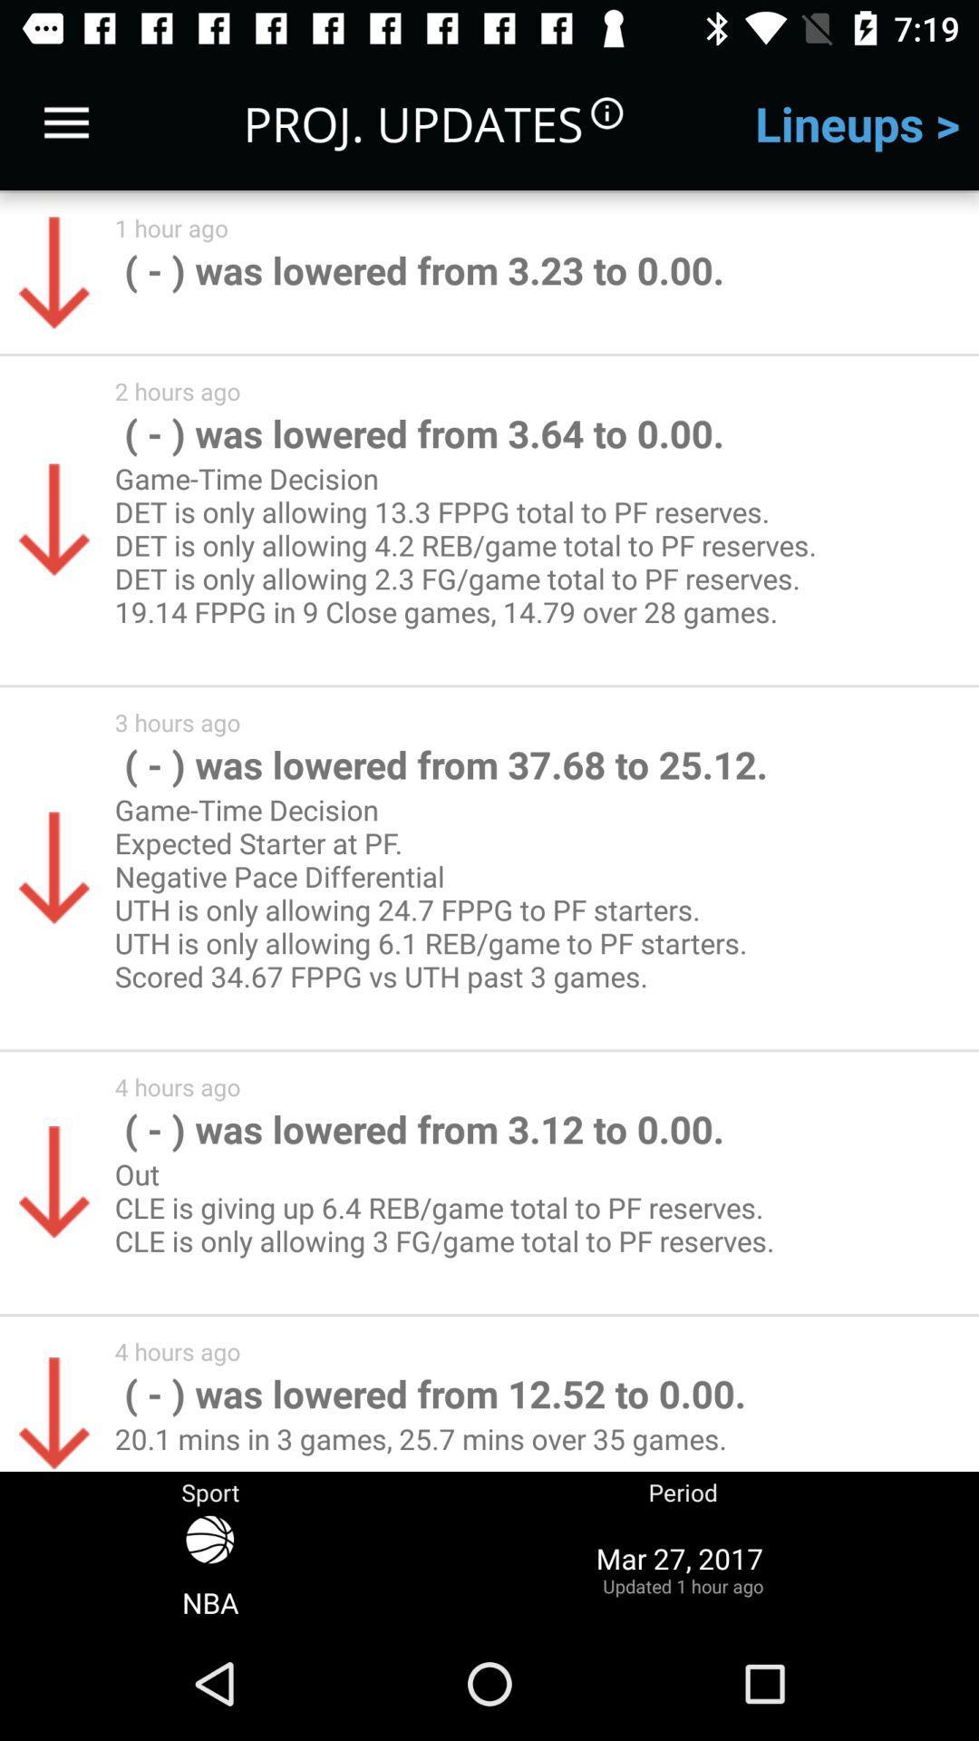 This screenshot has height=1741, width=979. Describe the element at coordinates (451, 1224) in the screenshot. I see `out cle is` at that location.